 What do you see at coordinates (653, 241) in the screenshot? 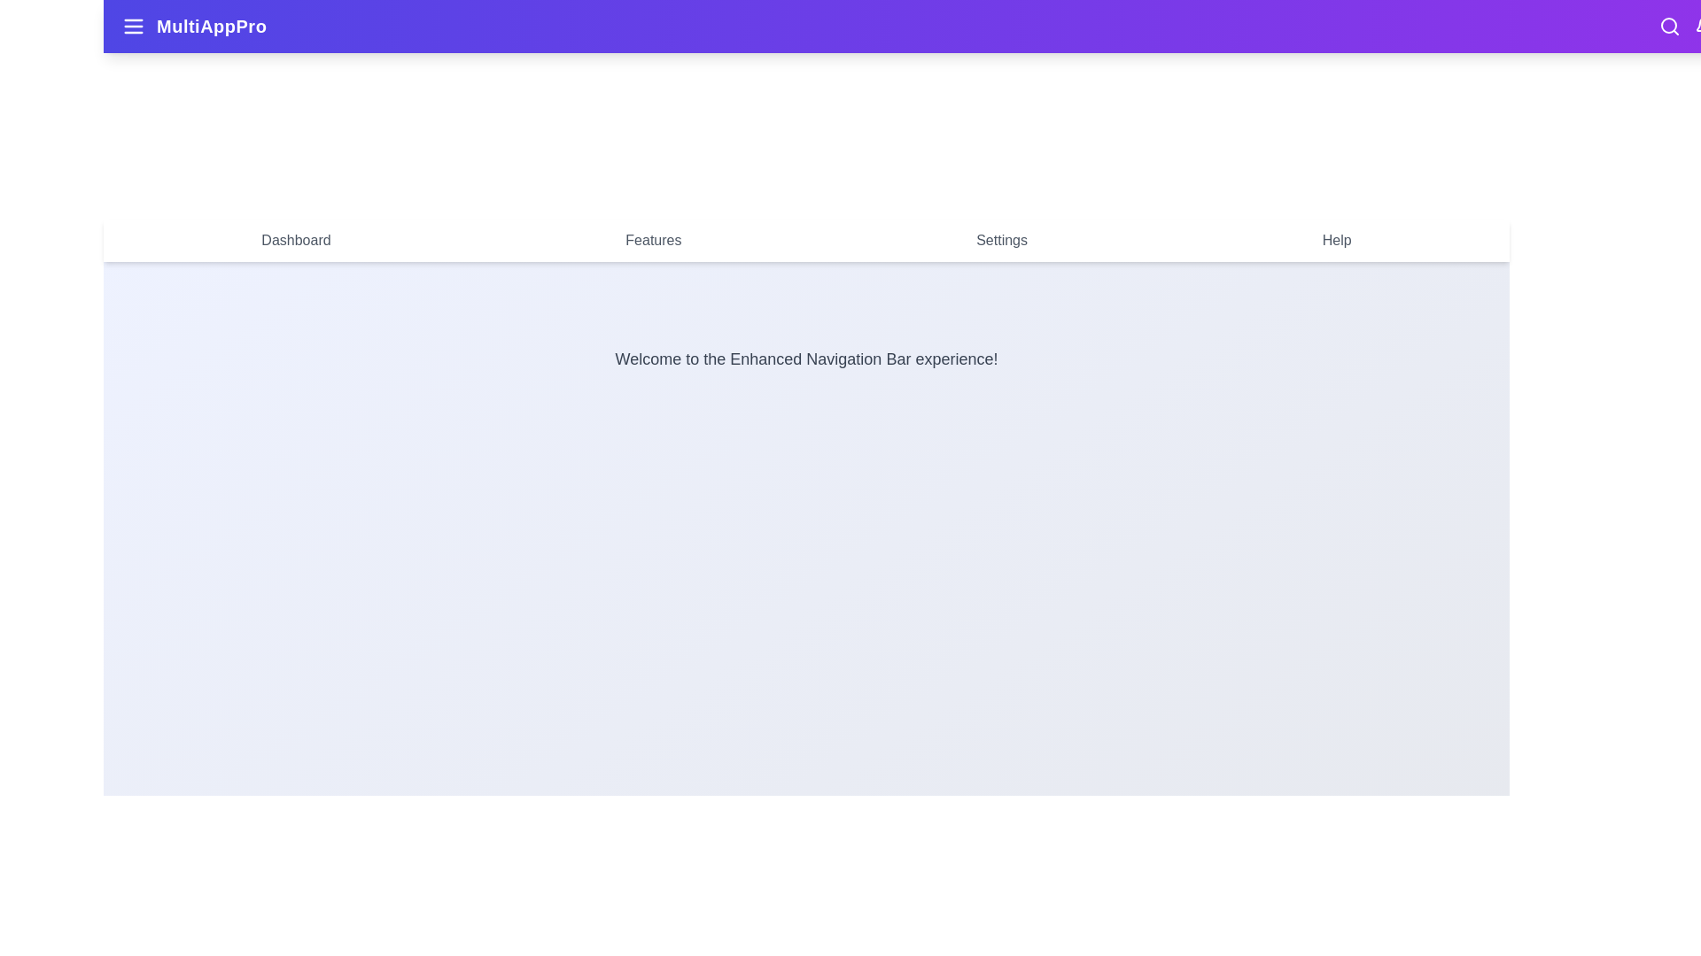
I see `the navigation menu item labeled Features` at bounding box center [653, 241].